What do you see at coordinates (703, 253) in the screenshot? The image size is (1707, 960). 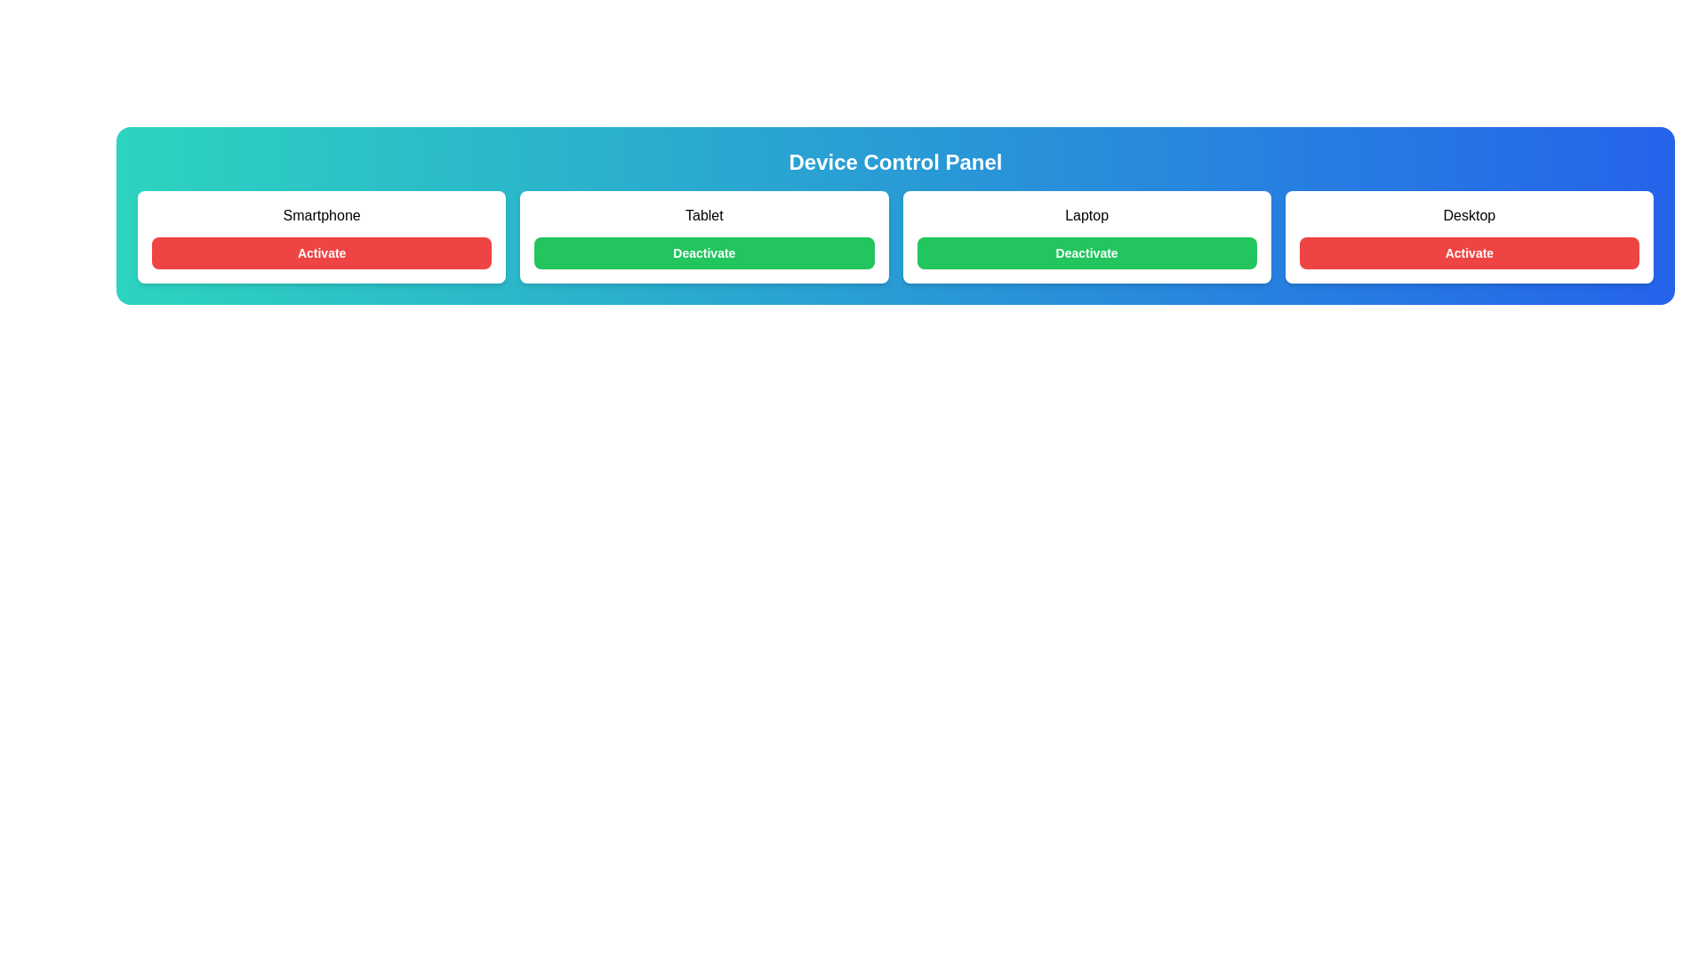 I see `the button for Tablet to observe the hover effect` at bounding box center [703, 253].